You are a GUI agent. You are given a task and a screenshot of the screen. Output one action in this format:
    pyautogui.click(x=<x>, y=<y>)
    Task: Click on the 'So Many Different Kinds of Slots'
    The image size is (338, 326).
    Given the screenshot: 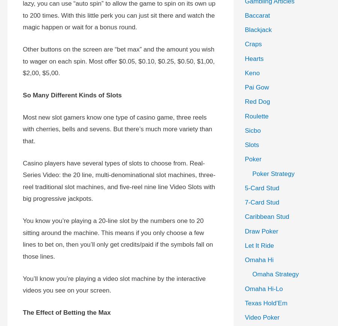 What is the action you would take?
    pyautogui.click(x=72, y=95)
    